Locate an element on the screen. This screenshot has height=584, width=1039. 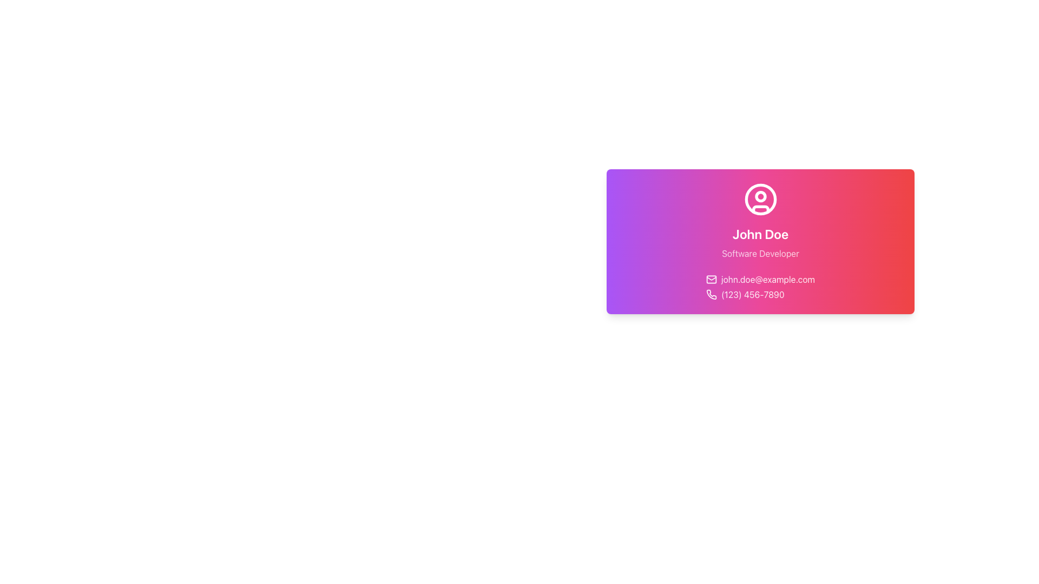
the phone icon, which is a white outline of a telephone receiver located at the bottom of the contact card, aligned with the phone number '(123) 456-7890' is located at coordinates (712, 294).